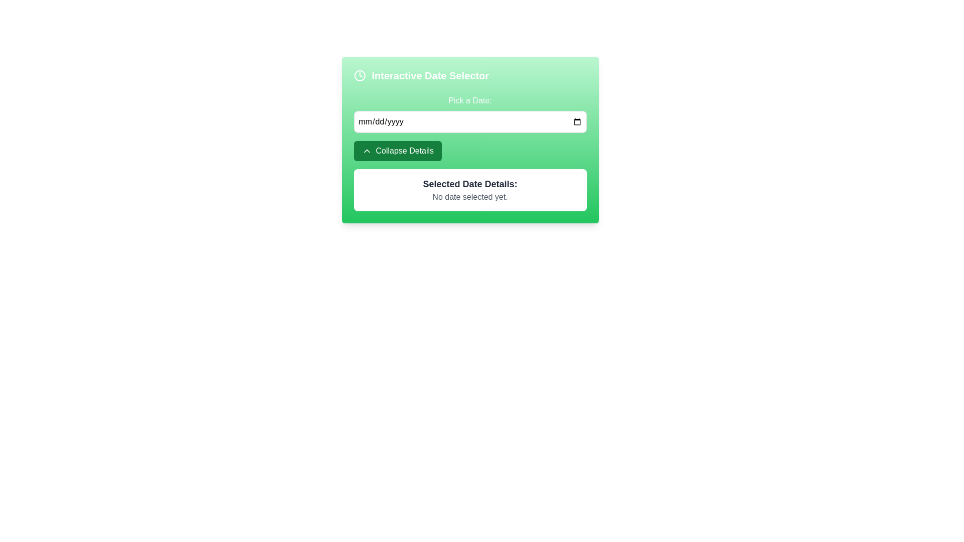 Image resolution: width=964 pixels, height=542 pixels. What do you see at coordinates (469, 75) in the screenshot?
I see `the center of the 'Interactive Date Selector' text label with icon, which is styled in bold white font against a green gradient background, for potential interactivity` at bounding box center [469, 75].